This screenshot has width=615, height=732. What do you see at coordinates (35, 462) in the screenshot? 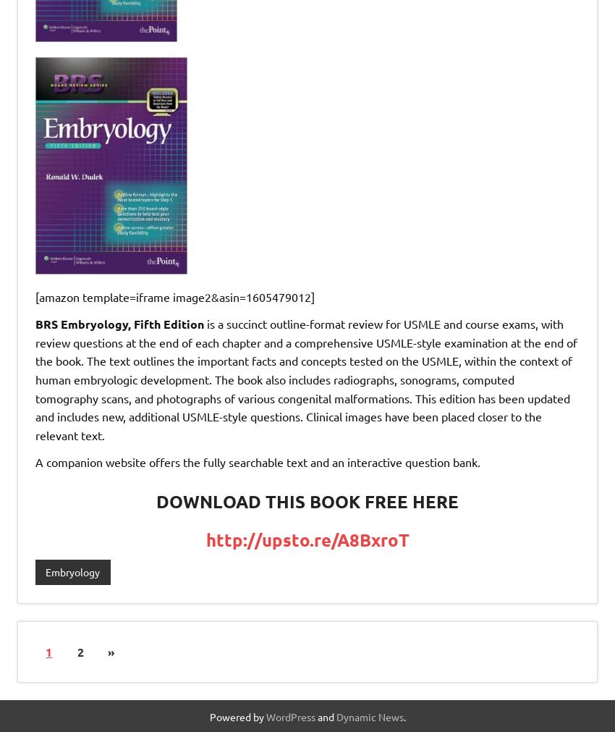
I see `'A companion website offers the fully searchable text and an interactive question bank.'` at bounding box center [35, 462].